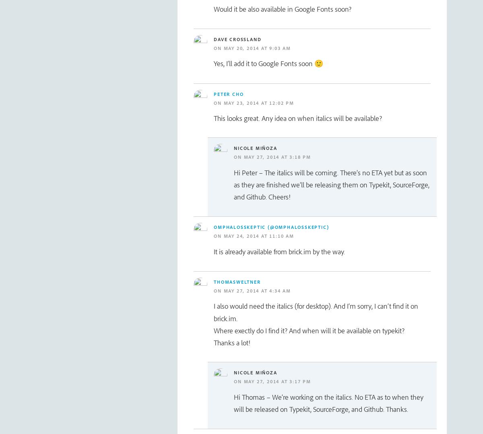  What do you see at coordinates (213, 63) in the screenshot?
I see `'Yes, I’ll add it to Google Fonts soon 🙂'` at bounding box center [213, 63].